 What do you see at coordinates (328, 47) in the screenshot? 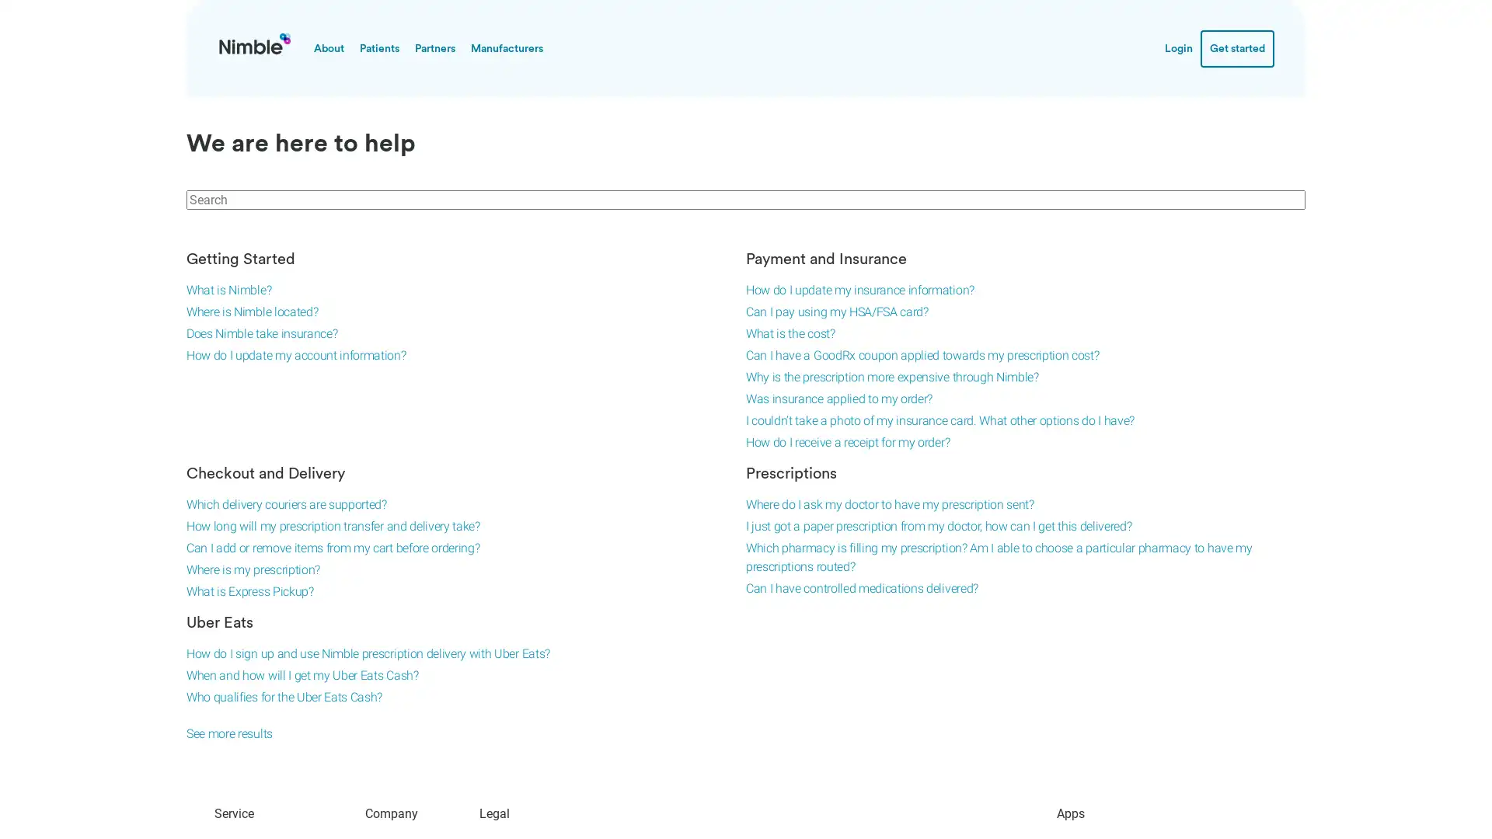
I see `About` at bounding box center [328, 47].